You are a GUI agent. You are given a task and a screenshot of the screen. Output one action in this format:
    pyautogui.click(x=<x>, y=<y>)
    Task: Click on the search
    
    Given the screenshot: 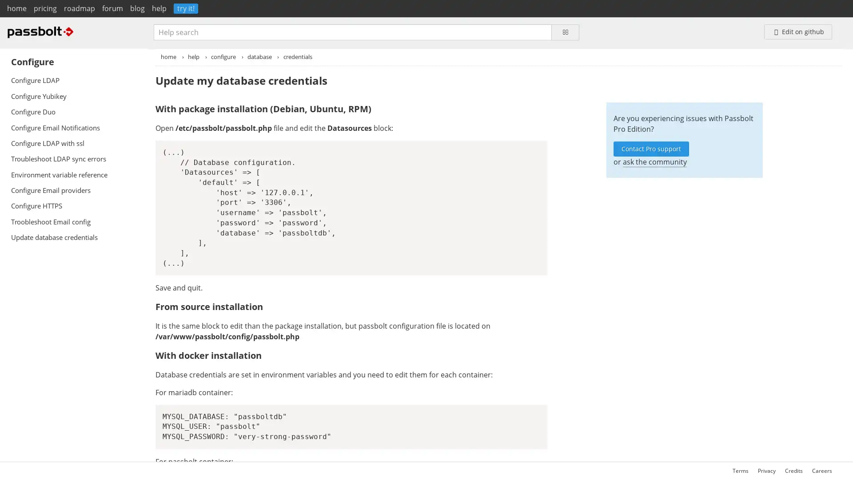 What is the action you would take?
    pyautogui.click(x=565, y=31)
    